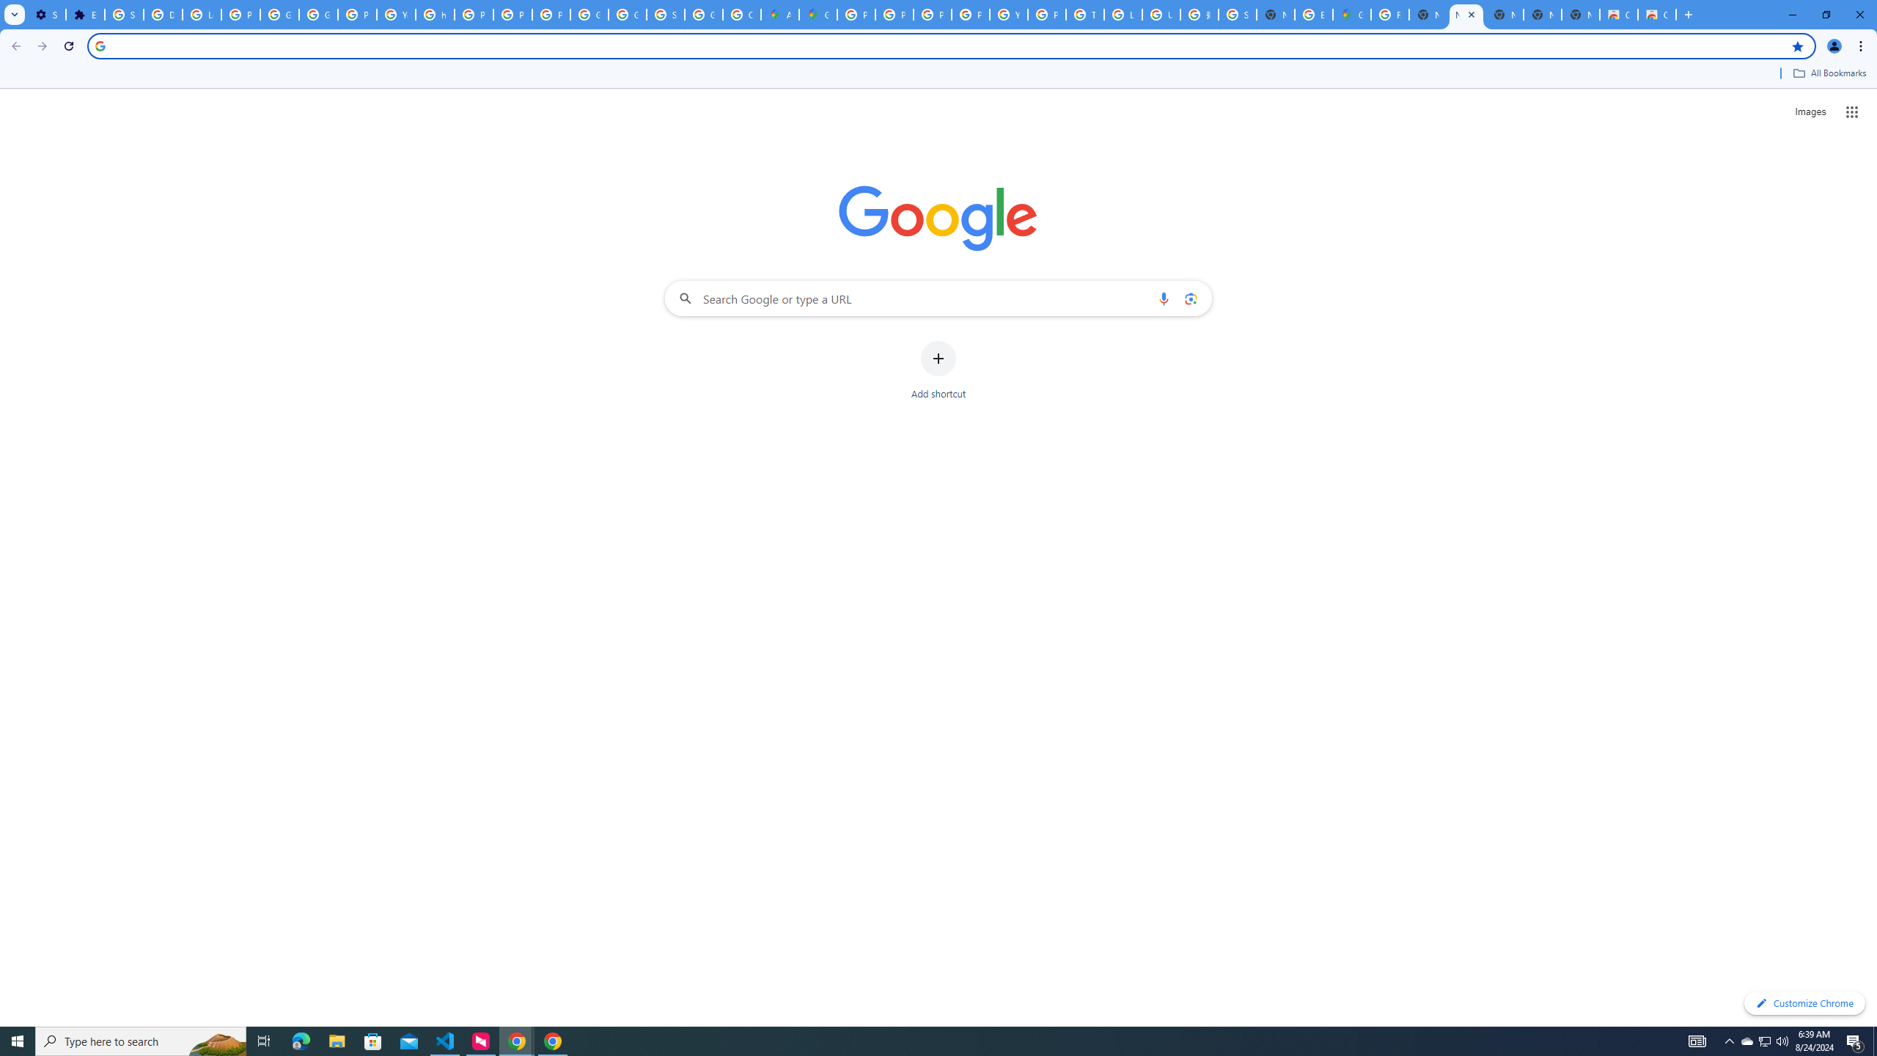 The image size is (1877, 1056). What do you see at coordinates (42, 45) in the screenshot?
I see `'Forward'` at bounding box center [42, 45].